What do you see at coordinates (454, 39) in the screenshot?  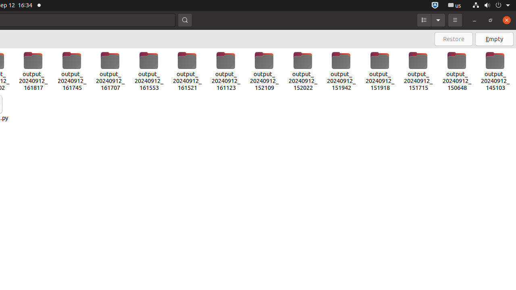 I see `'Restore'` at bounding box center [454, 39].